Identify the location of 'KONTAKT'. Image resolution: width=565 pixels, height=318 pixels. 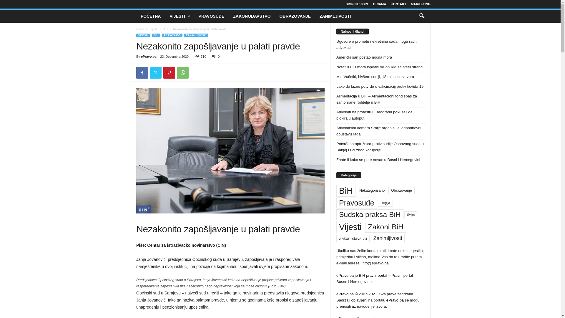
(398, 4).